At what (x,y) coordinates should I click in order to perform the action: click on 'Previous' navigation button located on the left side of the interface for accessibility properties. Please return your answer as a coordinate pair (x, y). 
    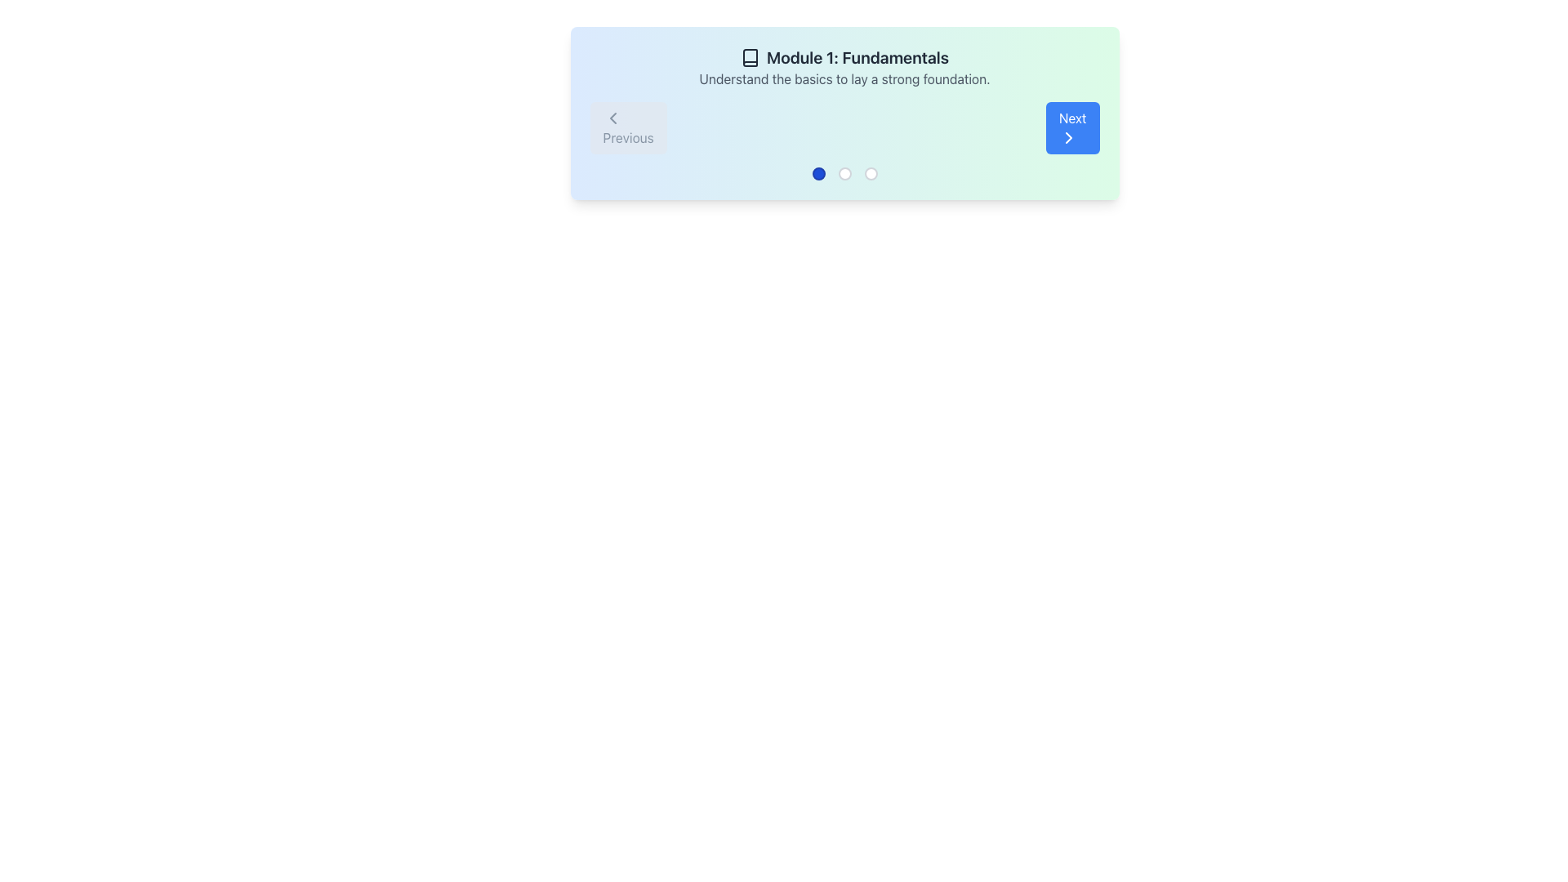
    Looking at the image, I should click on (627, 127).